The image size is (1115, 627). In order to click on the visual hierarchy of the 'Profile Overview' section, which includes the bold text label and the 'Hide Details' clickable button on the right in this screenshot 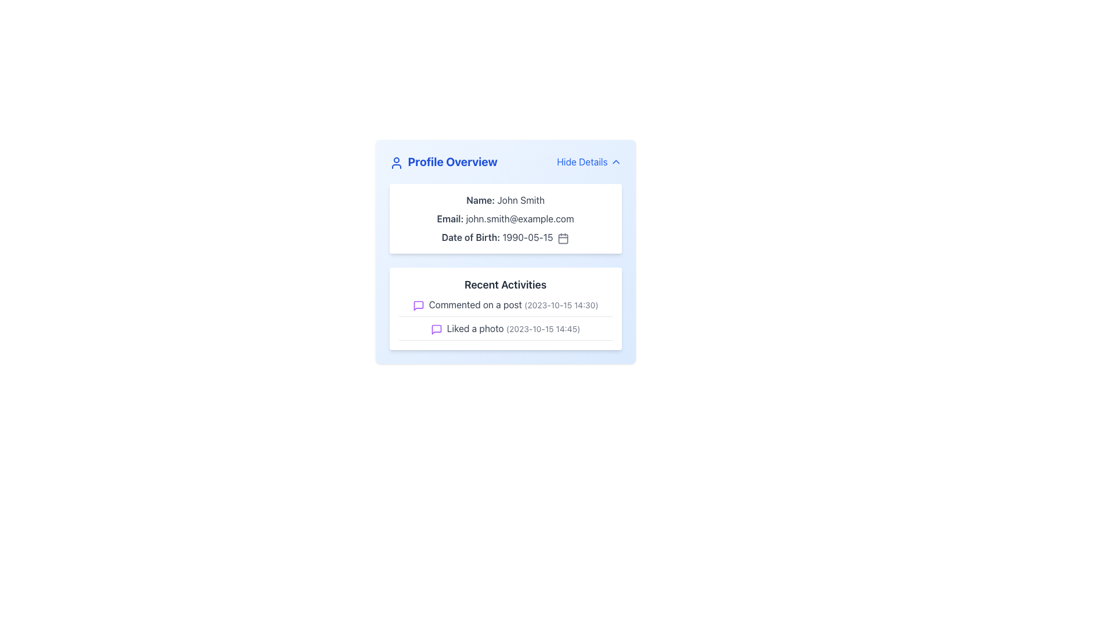, I will do `click(505, 161)`.